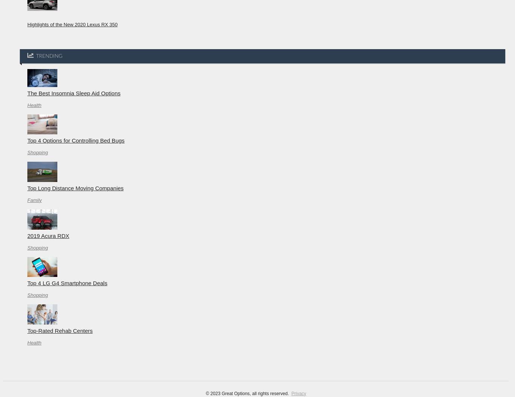  What do you see at coordinates (48, 55) in the screenshot?
I see `'Trending'` at bounding box center [48, 55].